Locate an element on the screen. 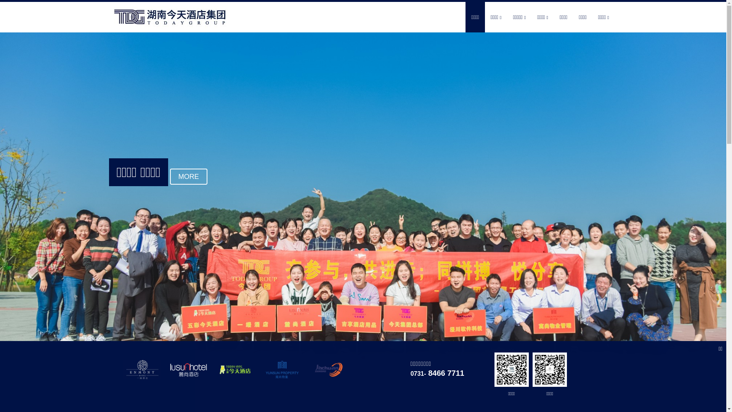 This screenshot has height=412, width=732. 'MORE' is located at coordinates (188, 193).